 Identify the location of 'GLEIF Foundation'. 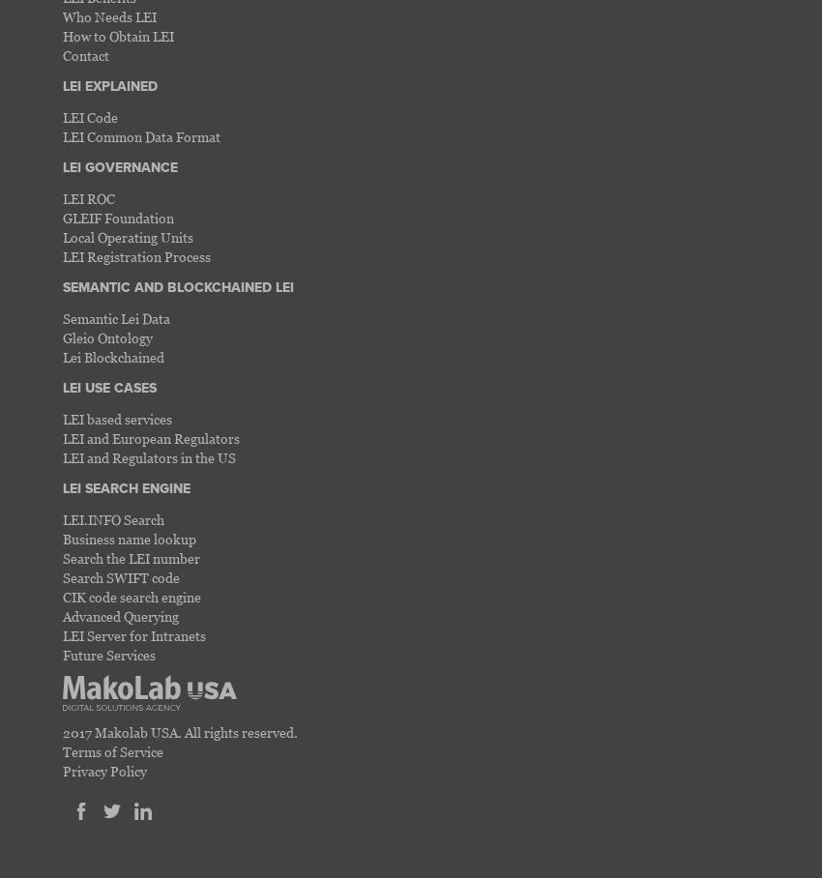
(117, 217).